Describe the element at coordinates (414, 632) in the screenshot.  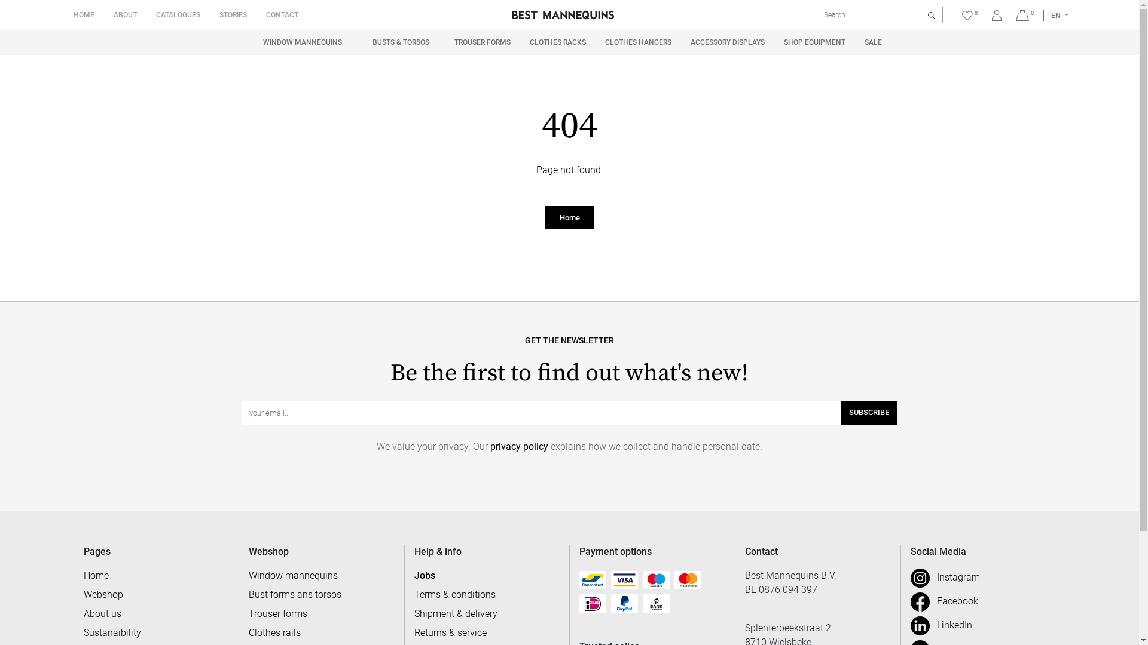
I see `'Returns & service'` at that location.